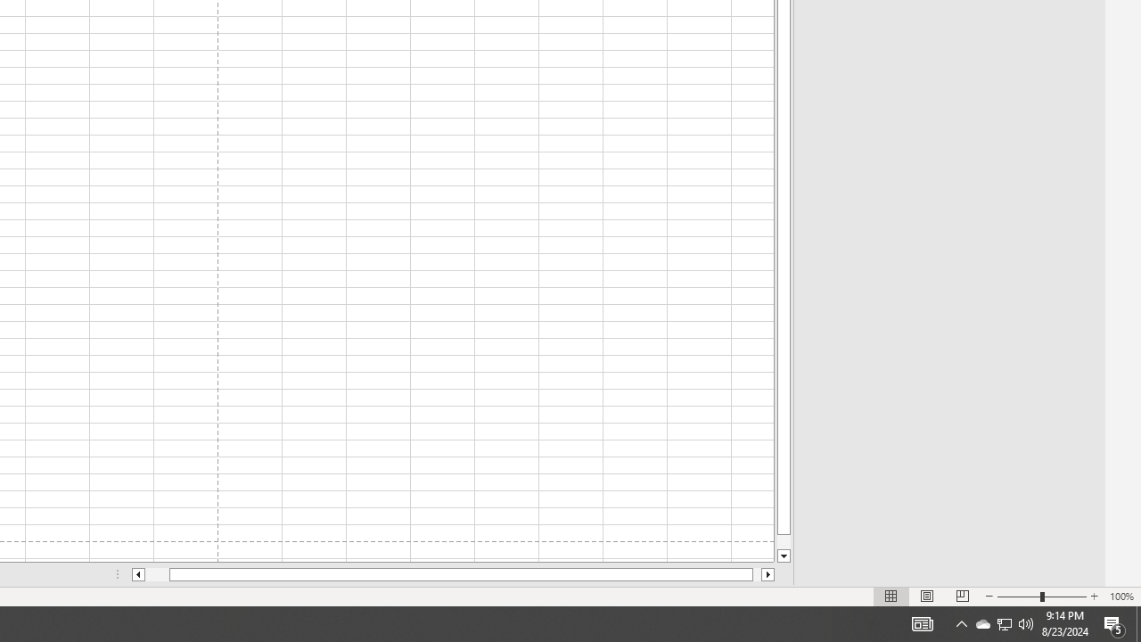 Image resolution: width=1141 pixels, height=642 pixels. Describe the element at coordinates (784, 556) in the screenshot. I see `'Line down'` at that location.